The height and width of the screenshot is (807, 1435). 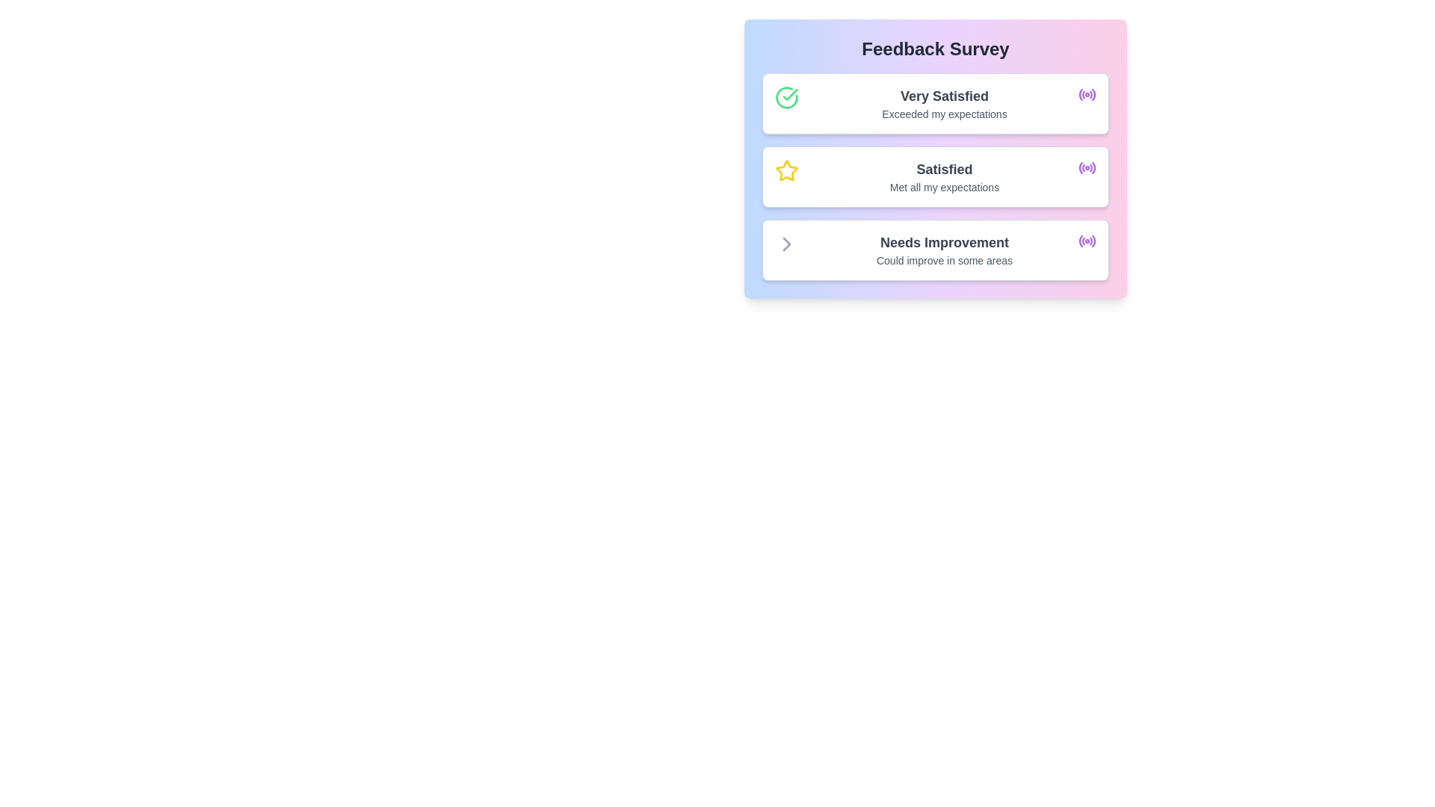 What do you see at coordinates (943, 102) in the screenshot?
I see `the static text component that reads 'Very Satisfied' and 'Exceeded my expectations' within the feedback selection interface, which is styled with a bold dark gray font and a white background` at bounding box center [943, 102].